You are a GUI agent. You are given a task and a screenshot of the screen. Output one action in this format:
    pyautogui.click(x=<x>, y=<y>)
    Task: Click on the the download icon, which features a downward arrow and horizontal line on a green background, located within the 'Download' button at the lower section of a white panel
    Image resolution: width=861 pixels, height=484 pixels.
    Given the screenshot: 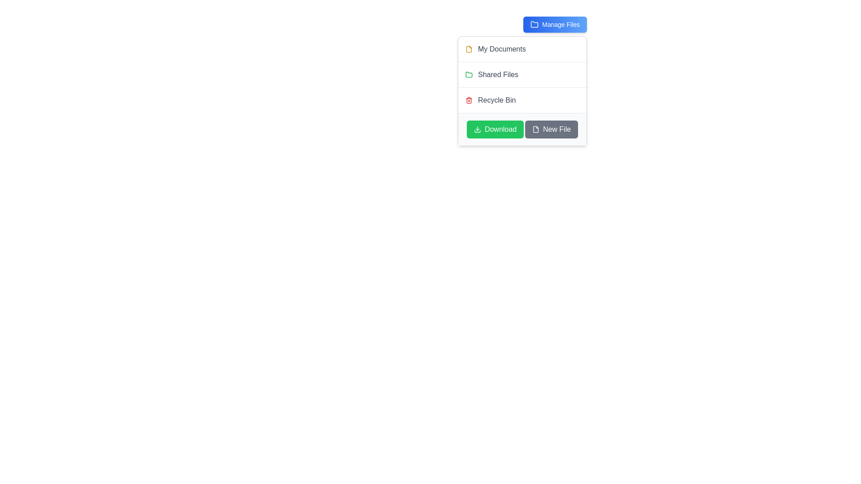 What is the action you would take?
    pyautogui.click(x=477, y=130)
    